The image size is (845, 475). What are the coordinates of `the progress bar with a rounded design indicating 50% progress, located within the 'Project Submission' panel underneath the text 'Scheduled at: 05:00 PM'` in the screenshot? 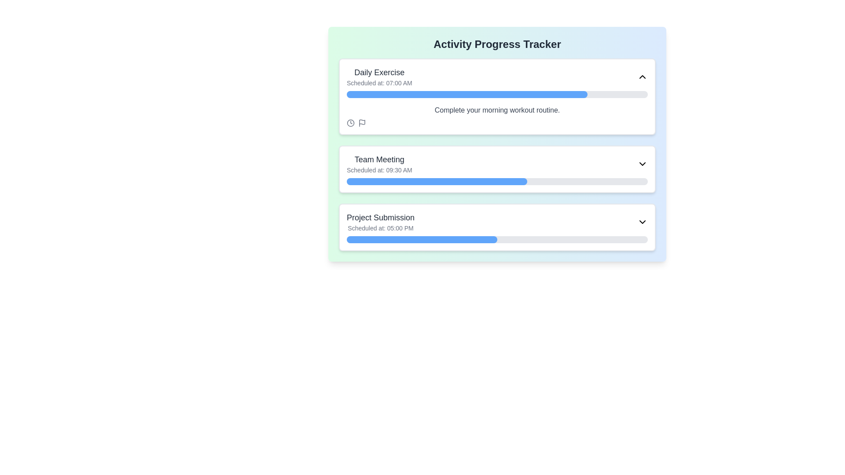 It's located at (497, 239).